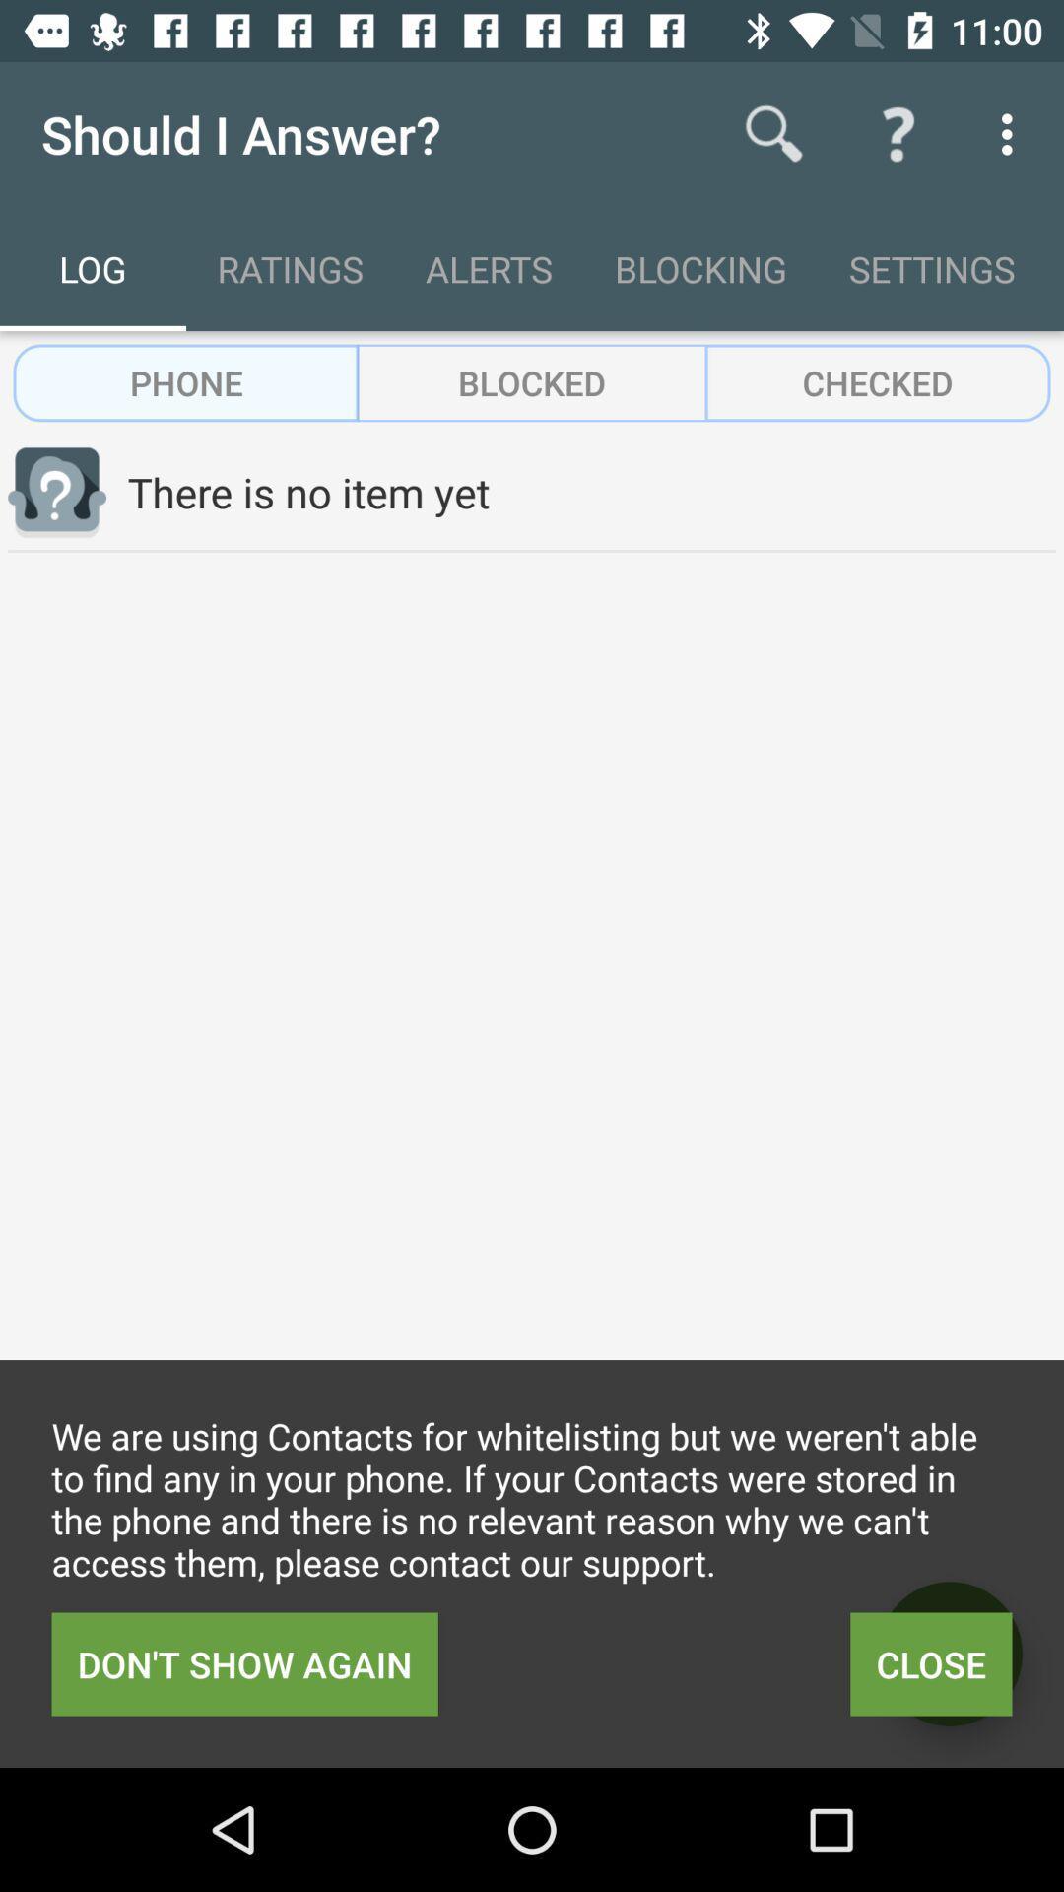 The width and height of the screenshot is (1064, 1892). I want to click on the icon next to should i answer?, so click(773, 133).